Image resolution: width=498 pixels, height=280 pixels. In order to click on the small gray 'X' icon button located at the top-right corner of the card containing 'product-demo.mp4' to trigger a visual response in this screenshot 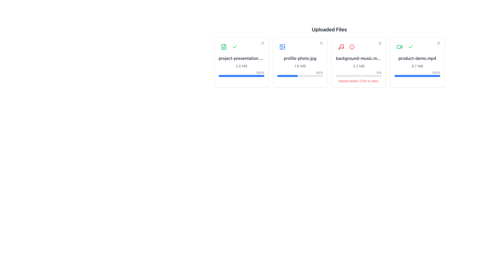, I will do `click(438, 43)`.